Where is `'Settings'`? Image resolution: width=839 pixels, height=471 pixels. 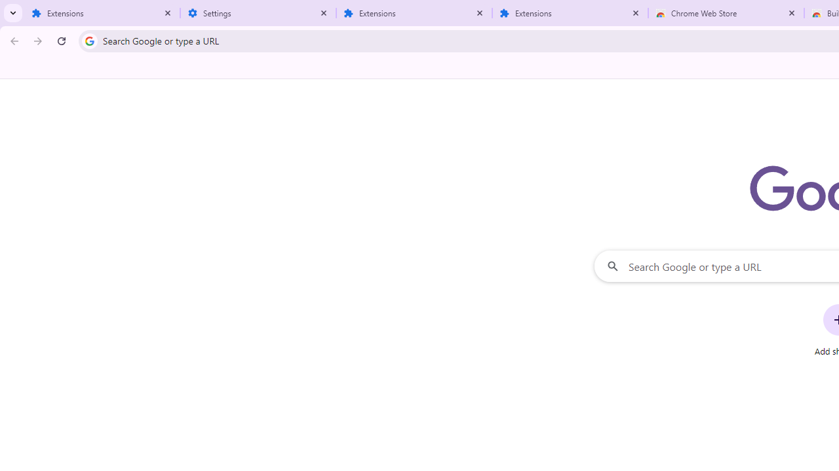 'Settings' is located at coordinates (258, 13).